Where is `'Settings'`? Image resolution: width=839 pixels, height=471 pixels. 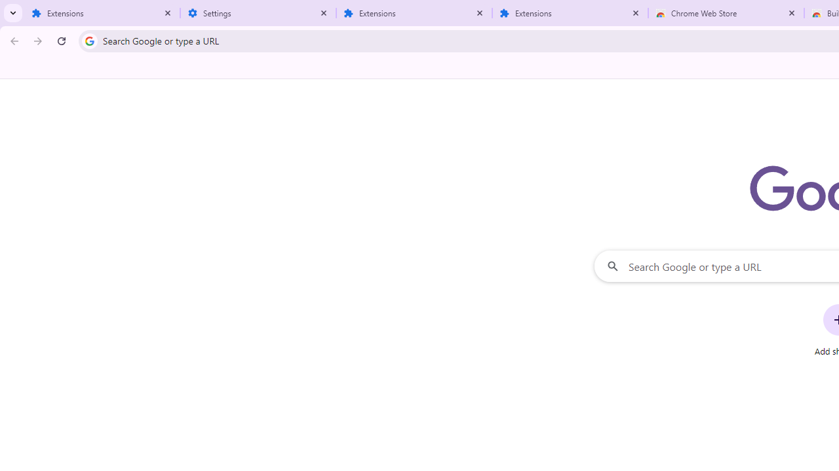 'Settings' is located at coordinates (258, 13).